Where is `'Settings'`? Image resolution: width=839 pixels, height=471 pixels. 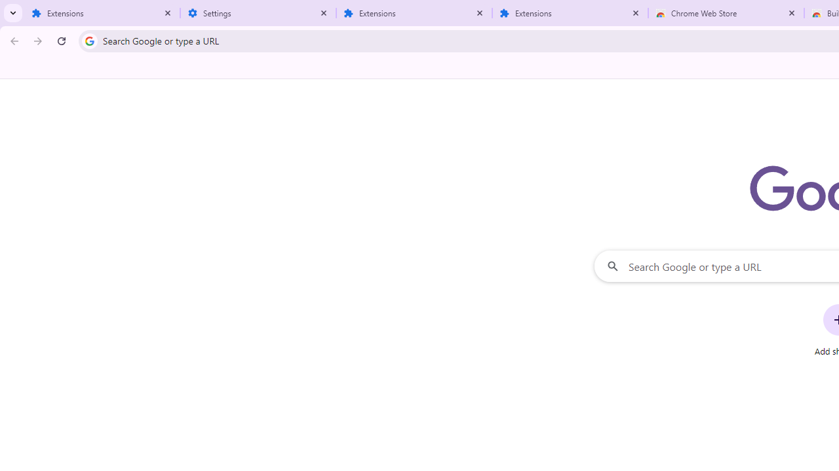 'Settings' is located at coordinates (258, 13).